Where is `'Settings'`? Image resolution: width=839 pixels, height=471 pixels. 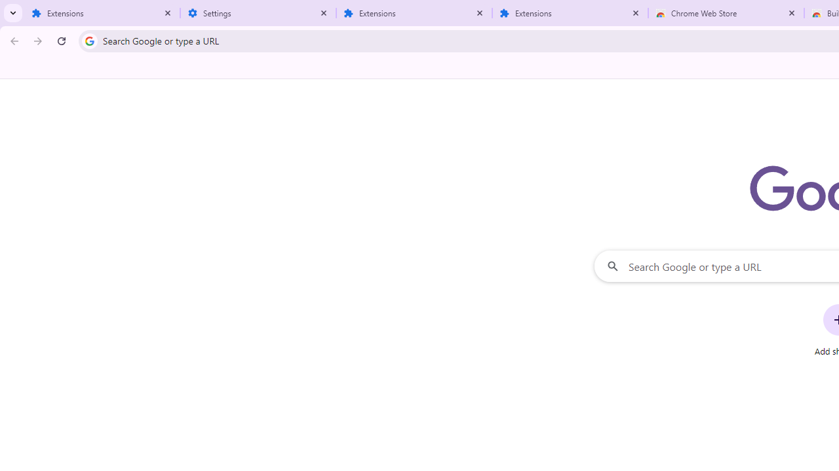 'Settings' is located at coordinates (258, 13).